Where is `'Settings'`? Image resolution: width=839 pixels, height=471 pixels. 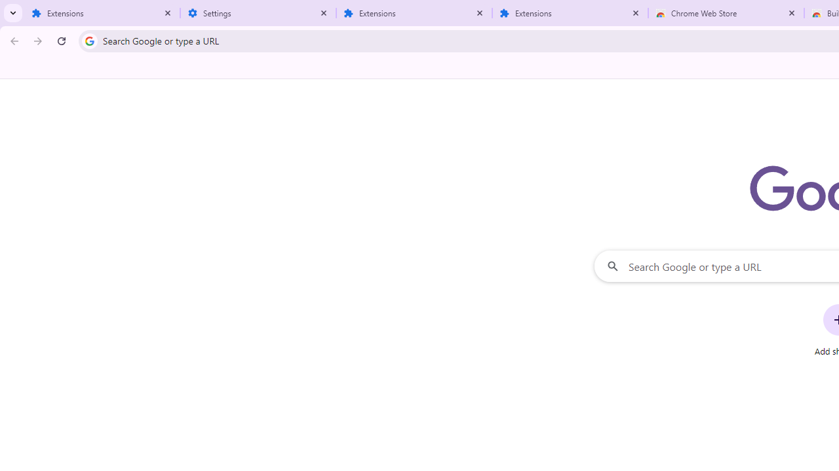 'Settings' is located at coordinates (258, 13).